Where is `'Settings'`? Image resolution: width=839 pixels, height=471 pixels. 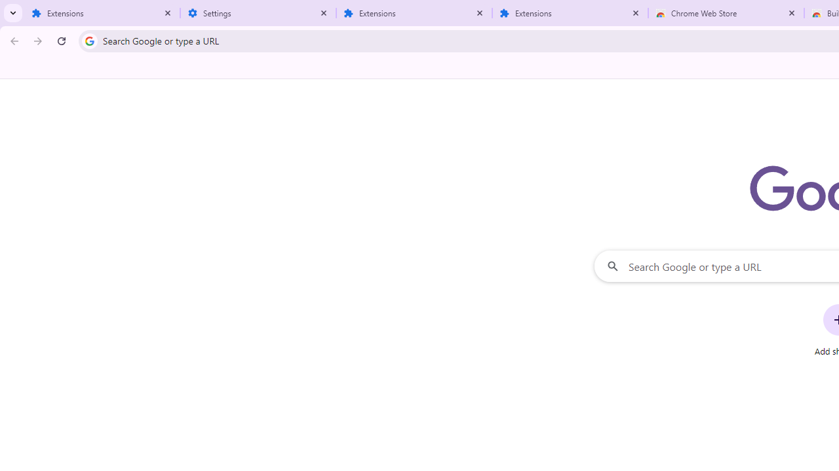 'Settings' is located at coordinates (258, 13).